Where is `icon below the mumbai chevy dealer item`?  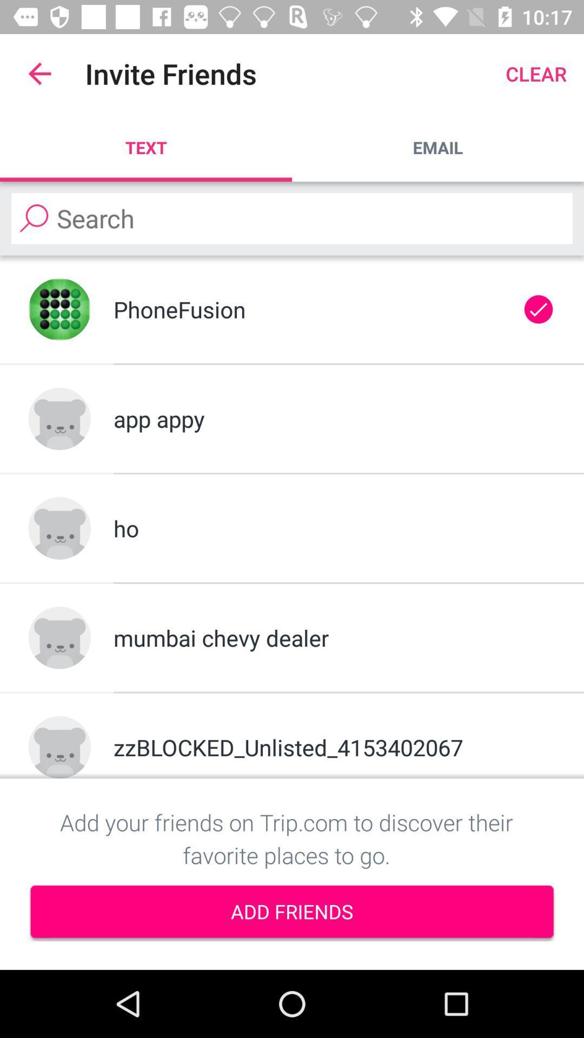 icon below the mumbai chevy dealer item is located at coordinates (334, 747).